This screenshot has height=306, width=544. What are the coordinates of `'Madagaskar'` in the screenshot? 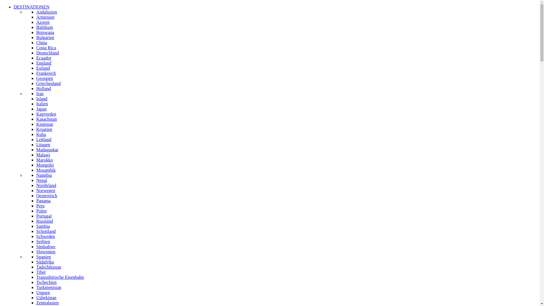 It's located at (47, 149).